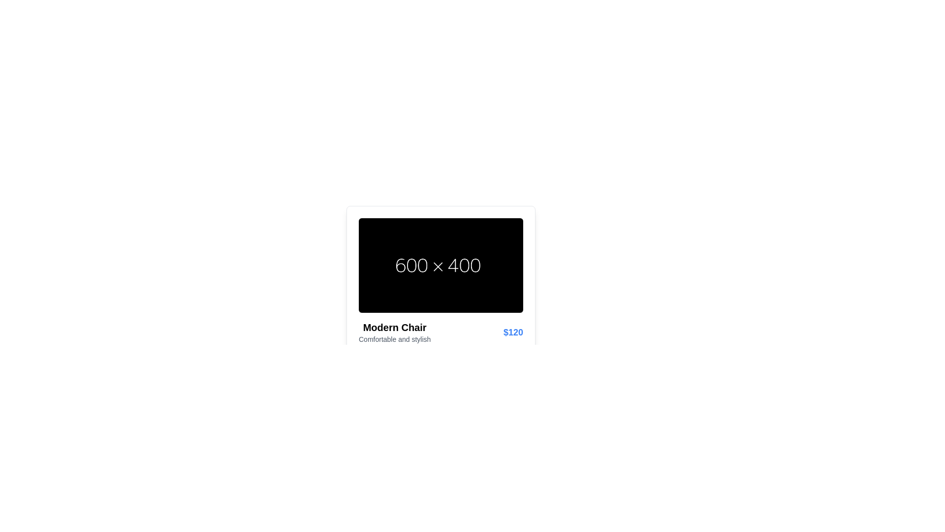 The width and height of the screenshot is (945, 532). What do you see at coordinates (395, 339) in the screenshot?
I see `the text 'Comfortable and stylish' which is located directly beneath the title 'Modern Chair' within the product card layout` at bounding box center [395, 339].